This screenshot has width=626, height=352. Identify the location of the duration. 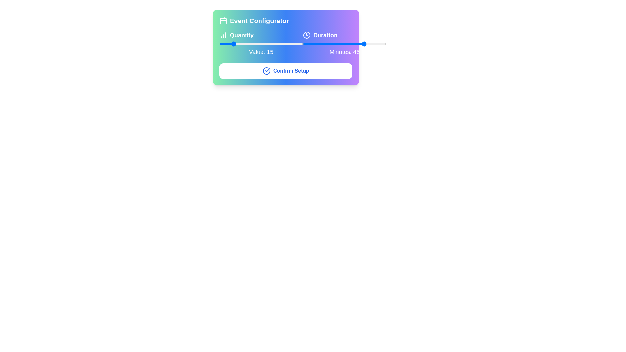
(380, 44).